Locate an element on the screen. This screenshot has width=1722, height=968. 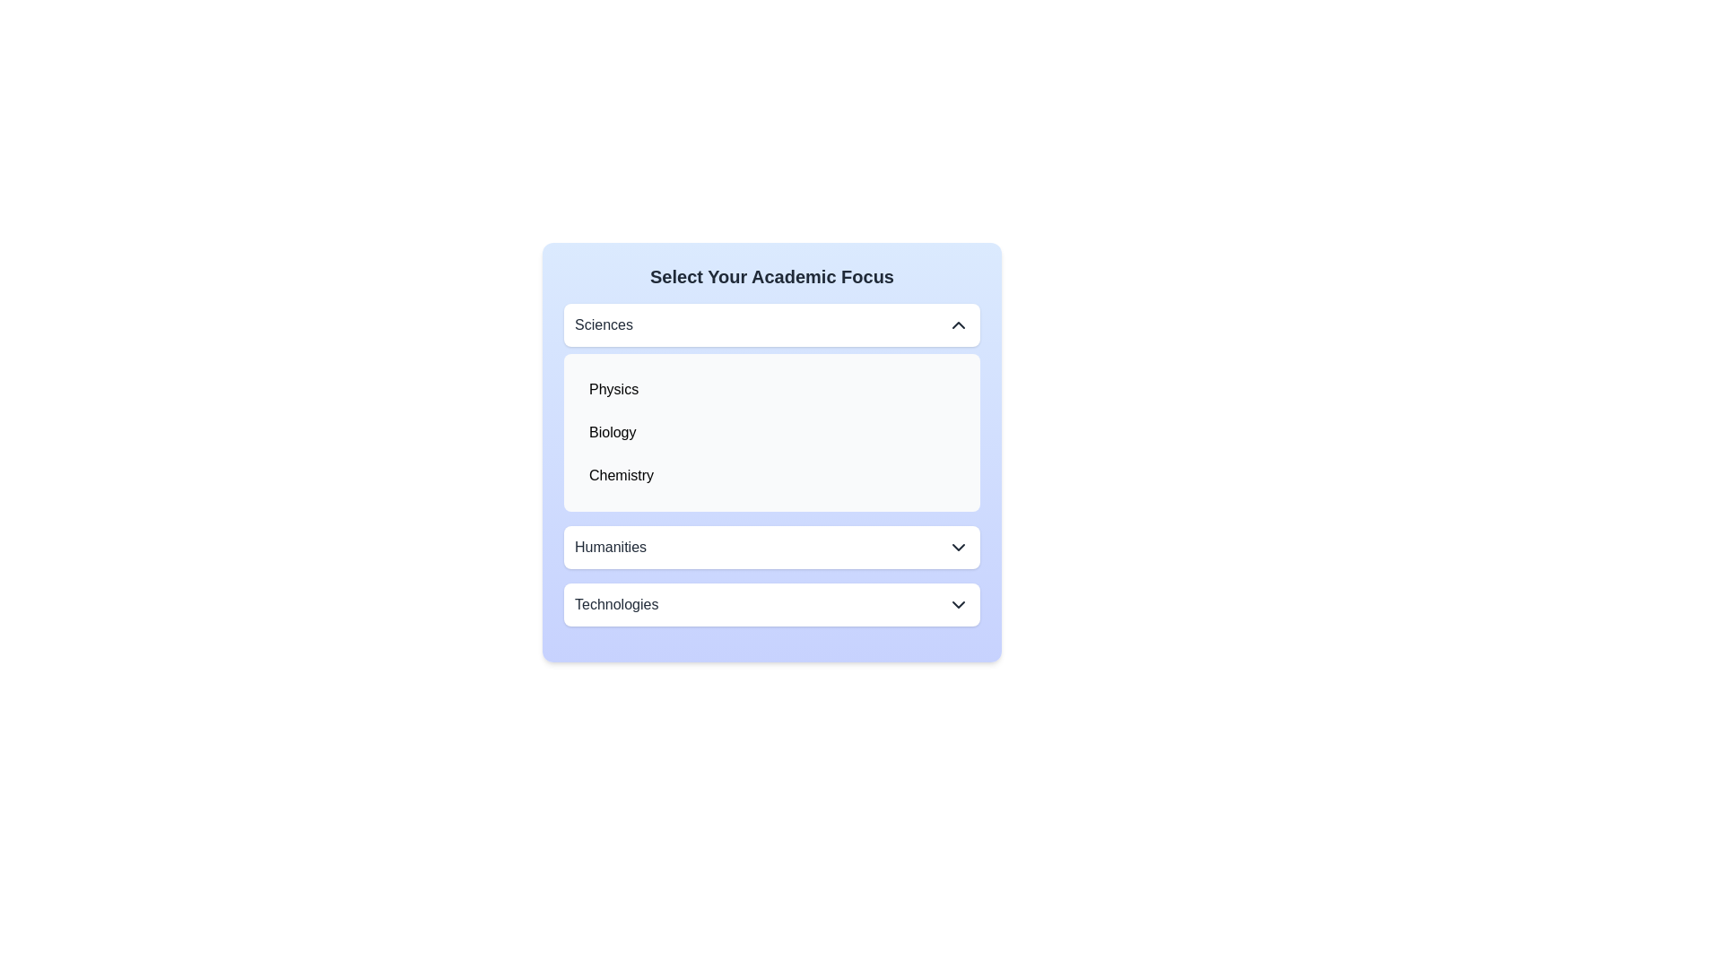
the text label displaying 'Sciences' within the dropdown menu header, located in the white rectangular area at the top of the dropdown component is located at coordinates (604, 324).